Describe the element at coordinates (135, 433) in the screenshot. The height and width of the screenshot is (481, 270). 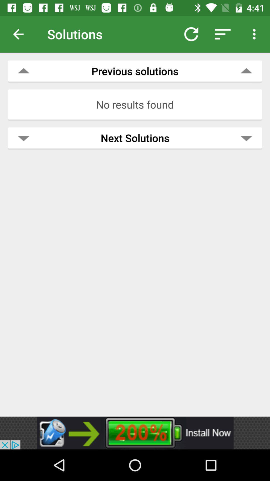
I see `advertisement button` at that location.